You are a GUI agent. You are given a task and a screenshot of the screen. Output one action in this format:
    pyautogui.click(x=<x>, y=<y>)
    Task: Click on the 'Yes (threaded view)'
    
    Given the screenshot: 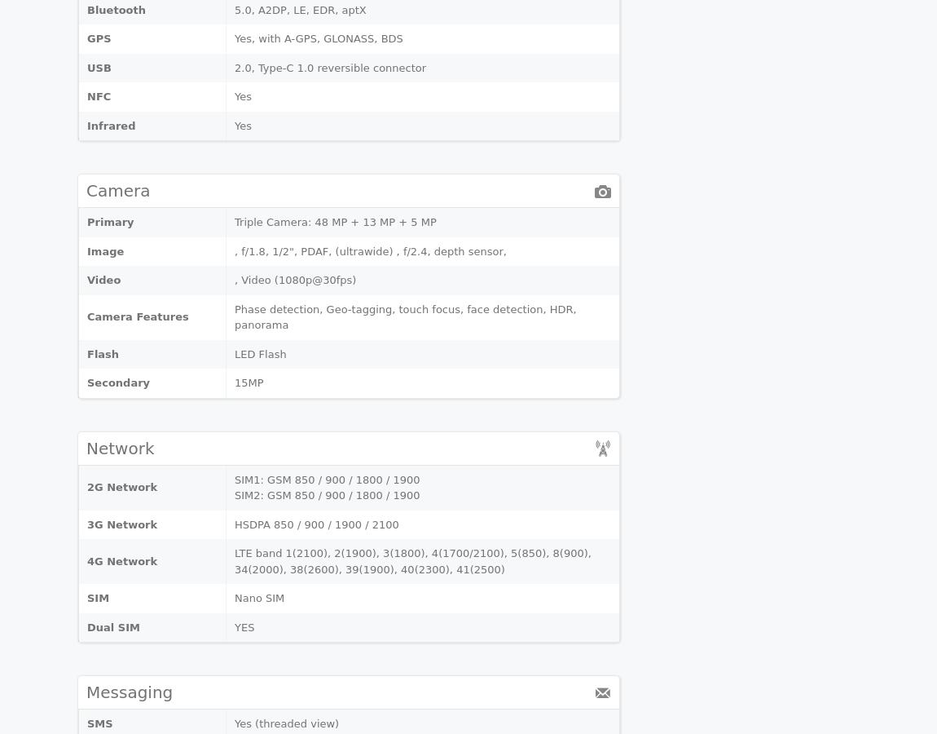 What is the action you would take?
    pyautogui.click(x=287, y=723)
    